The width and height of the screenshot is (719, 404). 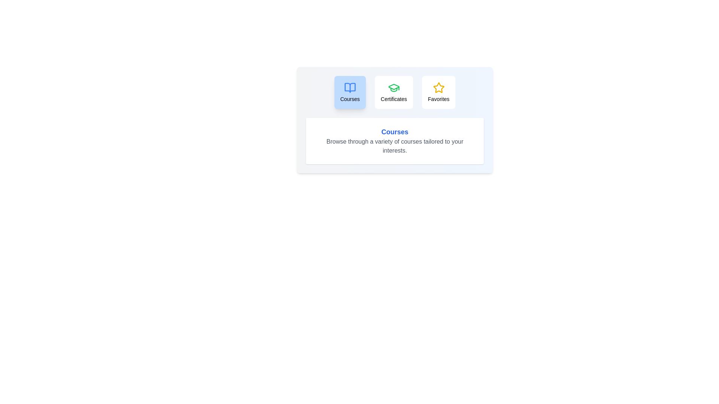 I want to click on the tab labeled Courses, so click(x=349, y=92).